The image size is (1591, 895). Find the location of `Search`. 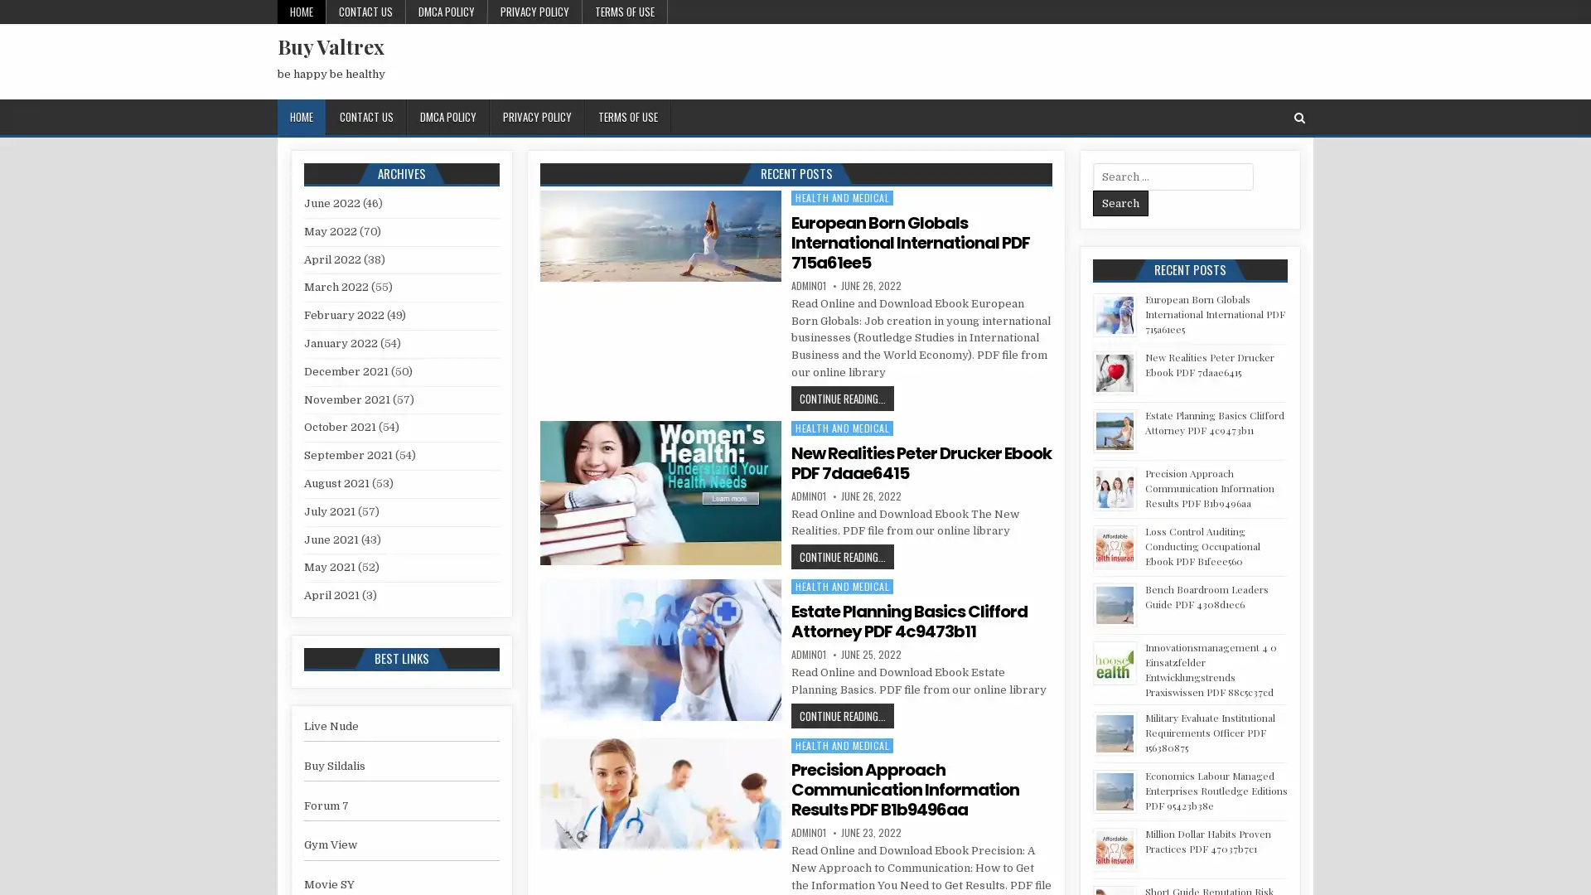

Search is located at coordinates (1120, 202).